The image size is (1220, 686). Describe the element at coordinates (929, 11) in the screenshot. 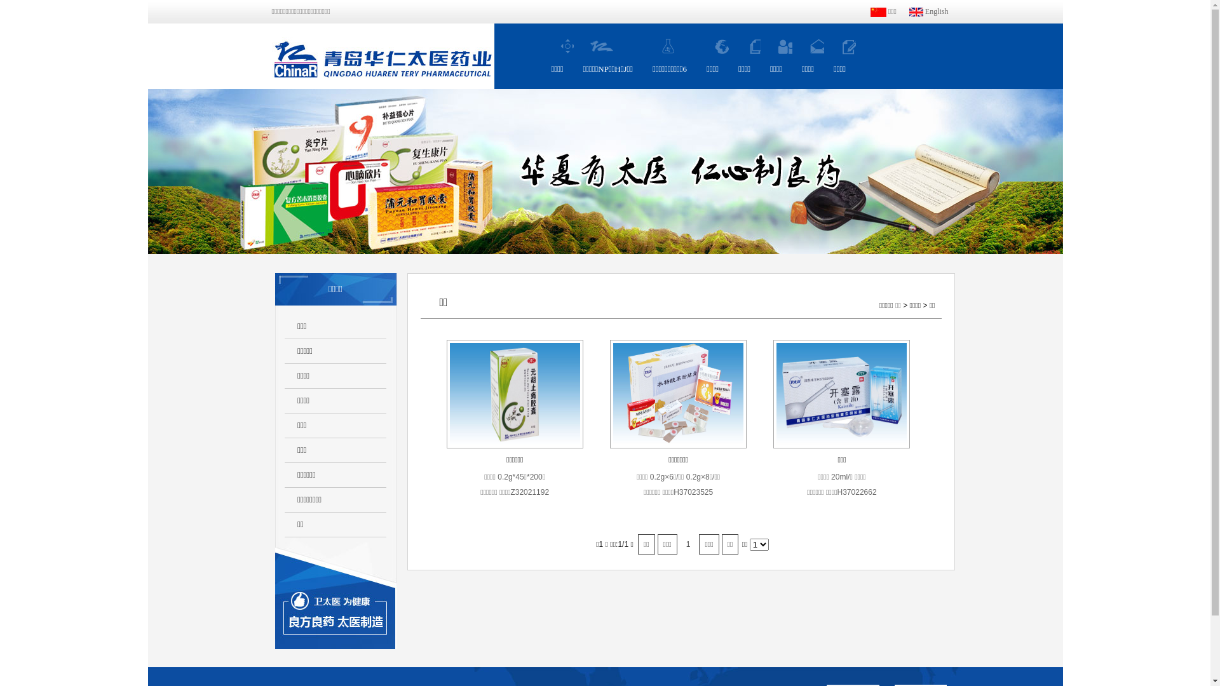

I see `'English'` at that location.